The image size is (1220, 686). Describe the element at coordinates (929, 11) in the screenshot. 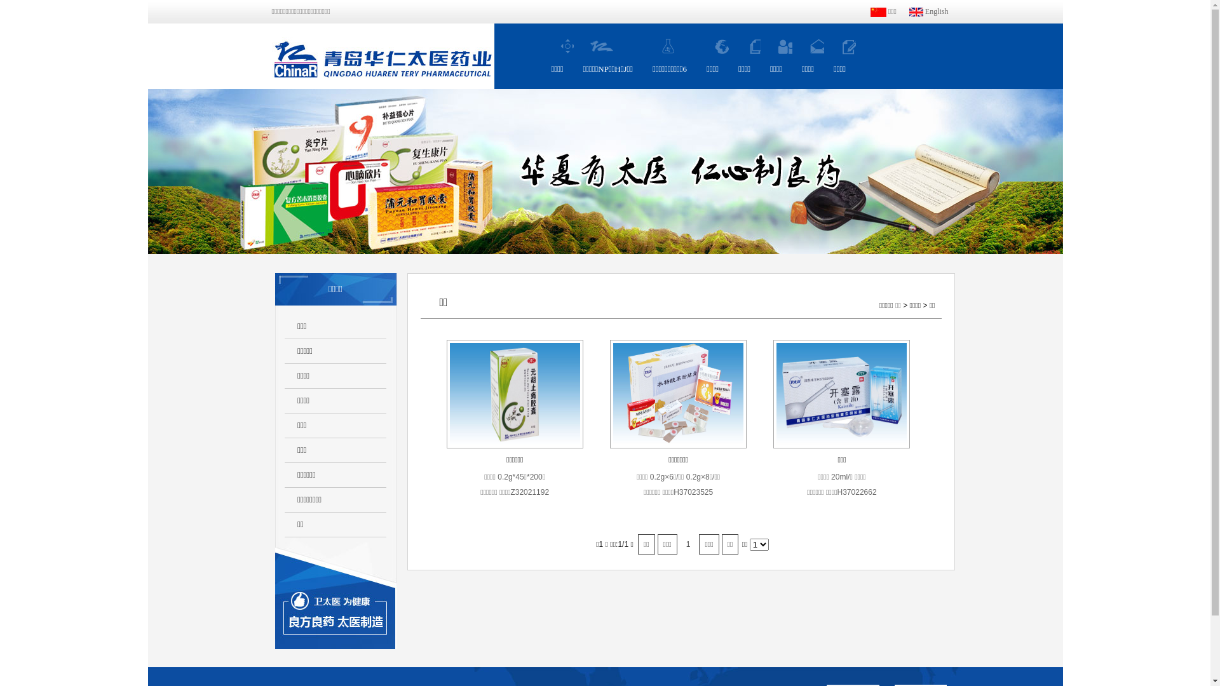

I see `'English'` at that location.